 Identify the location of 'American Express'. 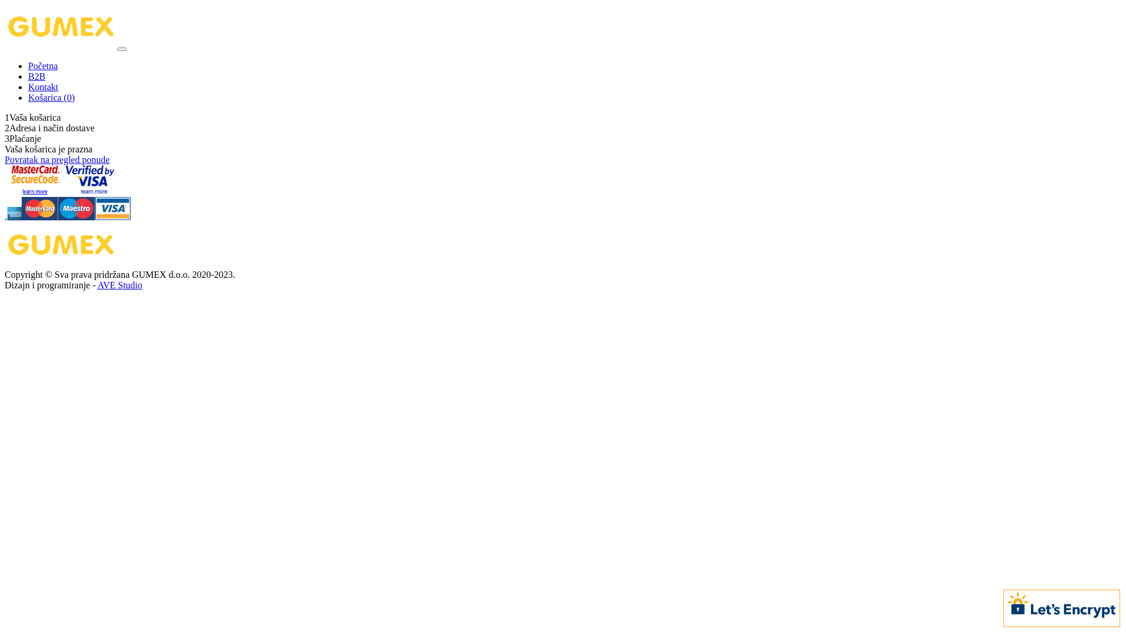
(5, 217).